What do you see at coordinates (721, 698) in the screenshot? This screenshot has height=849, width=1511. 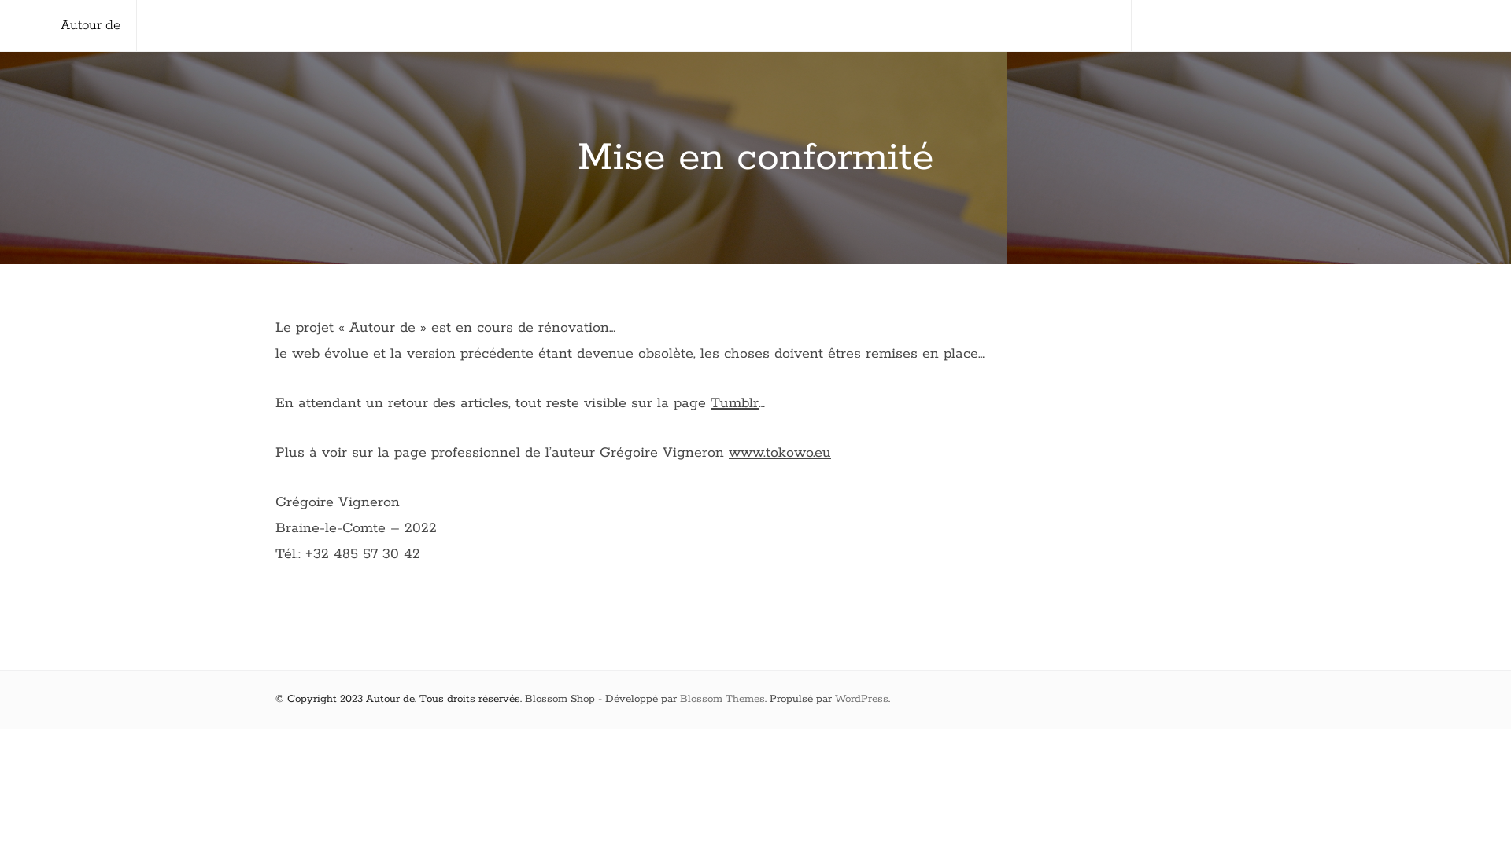 I see `'Blossom Themes'` at bounding box center [721, 698].